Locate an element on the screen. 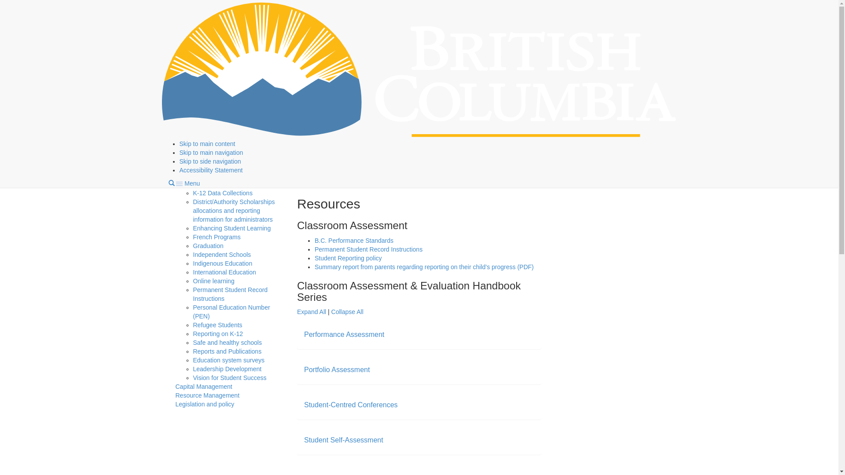 The height and width of the screenshot is (475, 845). 'Using assessment data' is located at coordinates (242, 157).